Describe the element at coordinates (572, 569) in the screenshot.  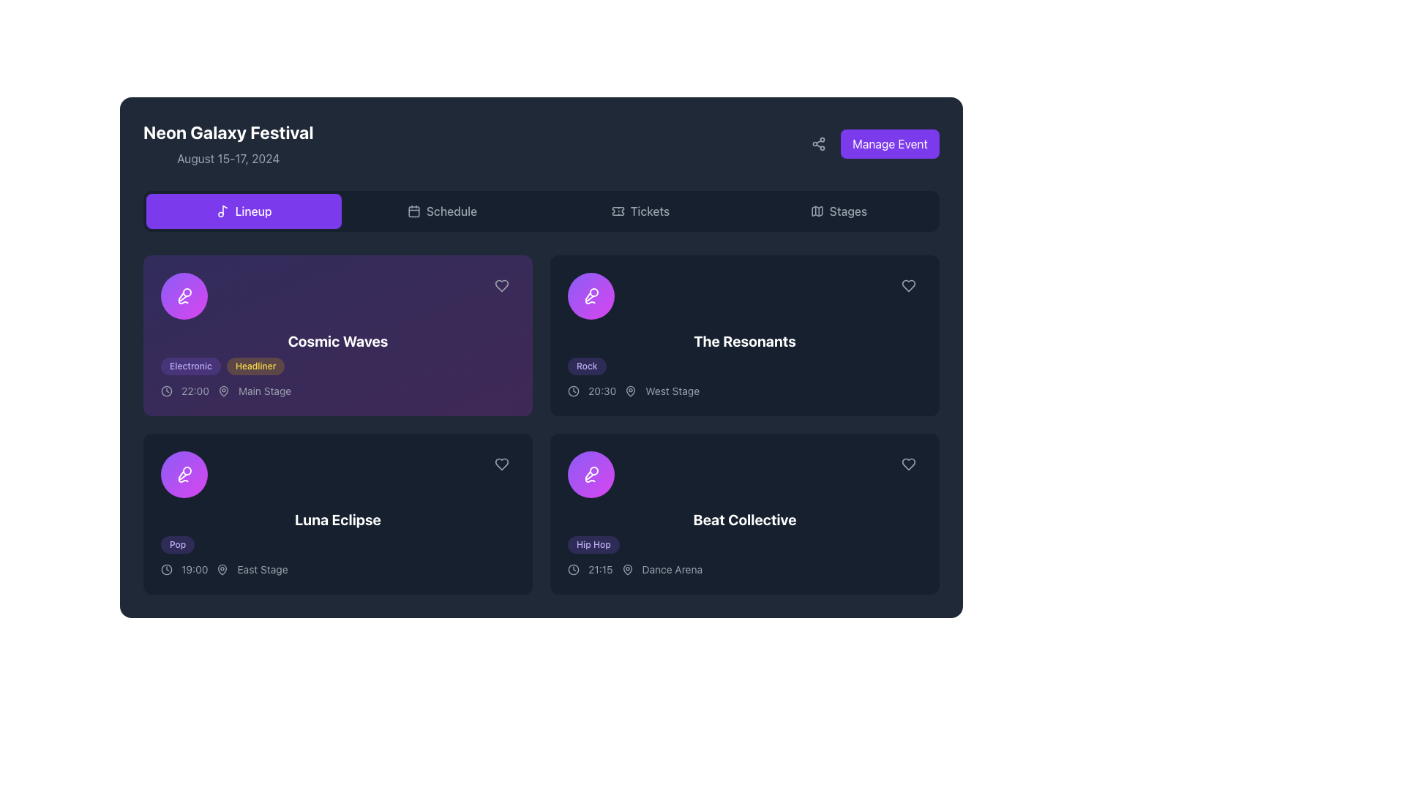
I see `the circular component of the SVG clock icon located in the bottom right quadrant of the interface, near the event card titled 'Beat Collective'` at that location.